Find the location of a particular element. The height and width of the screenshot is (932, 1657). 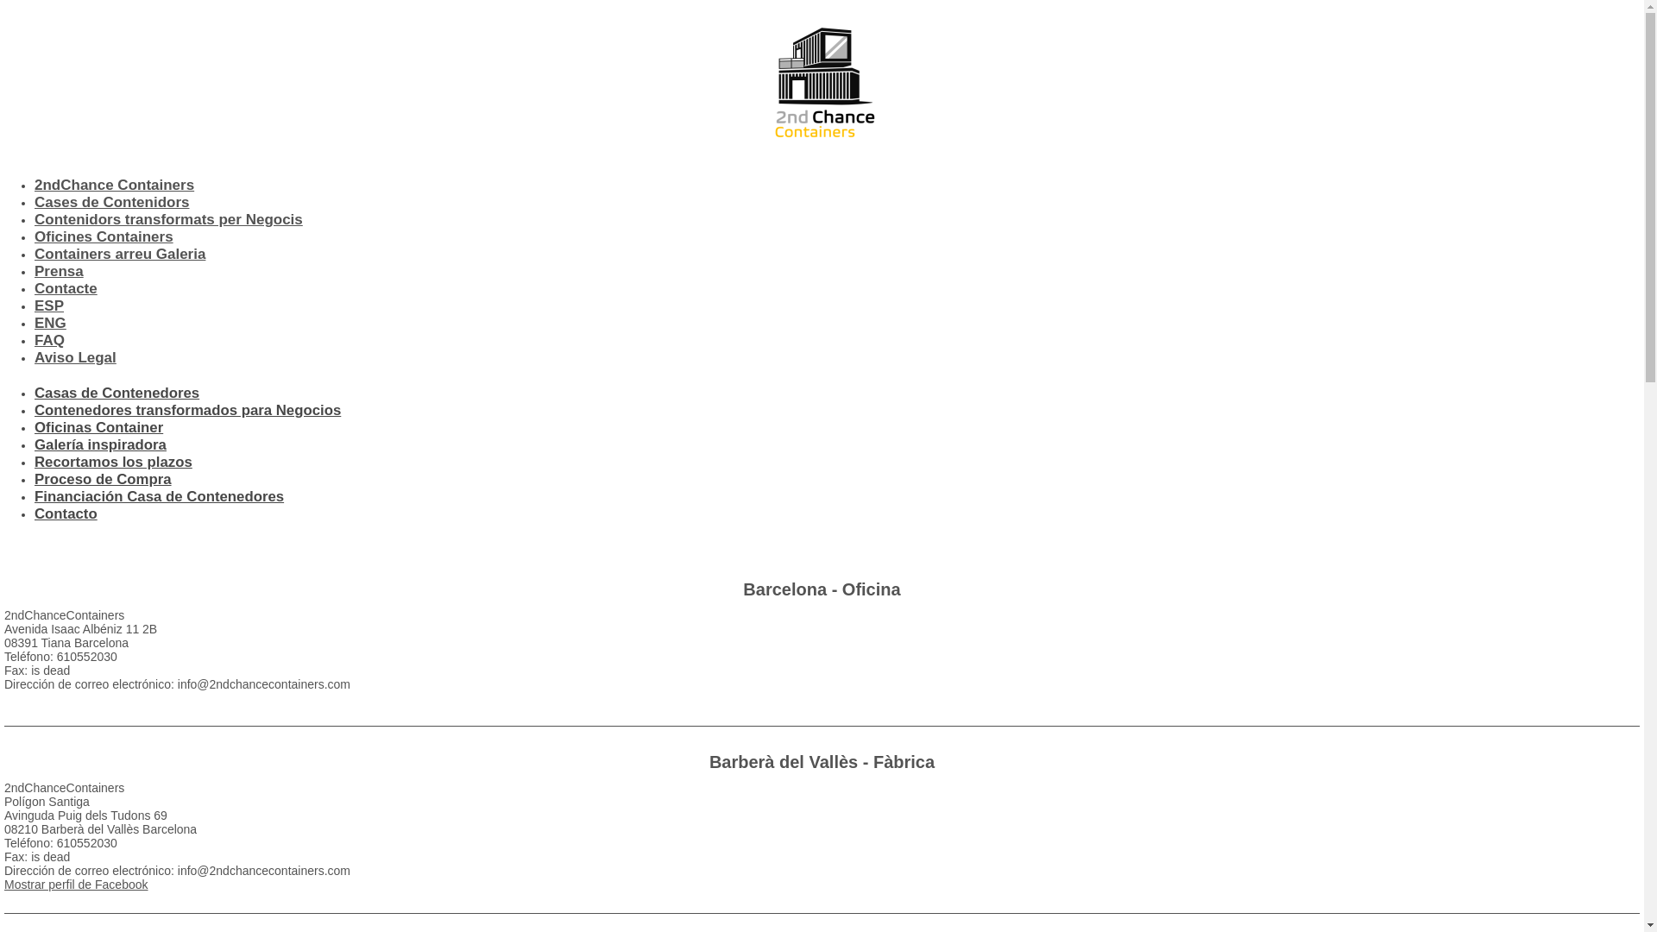

'Contenedores transformados para Negocios' is located at coordinates (187, 410).